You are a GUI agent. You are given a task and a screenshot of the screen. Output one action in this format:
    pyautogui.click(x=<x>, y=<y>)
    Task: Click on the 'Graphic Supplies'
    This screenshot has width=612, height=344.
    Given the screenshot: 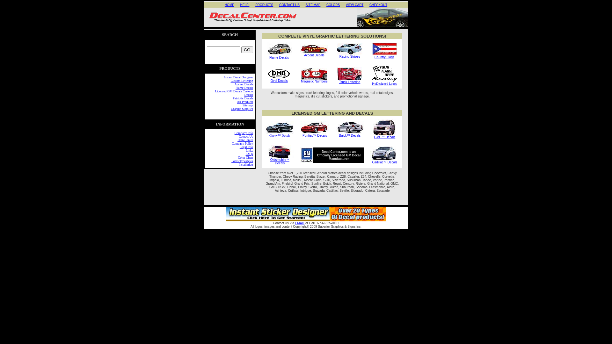 What is the action you would take?
    pyautogui.click(x=230, y=108)
    